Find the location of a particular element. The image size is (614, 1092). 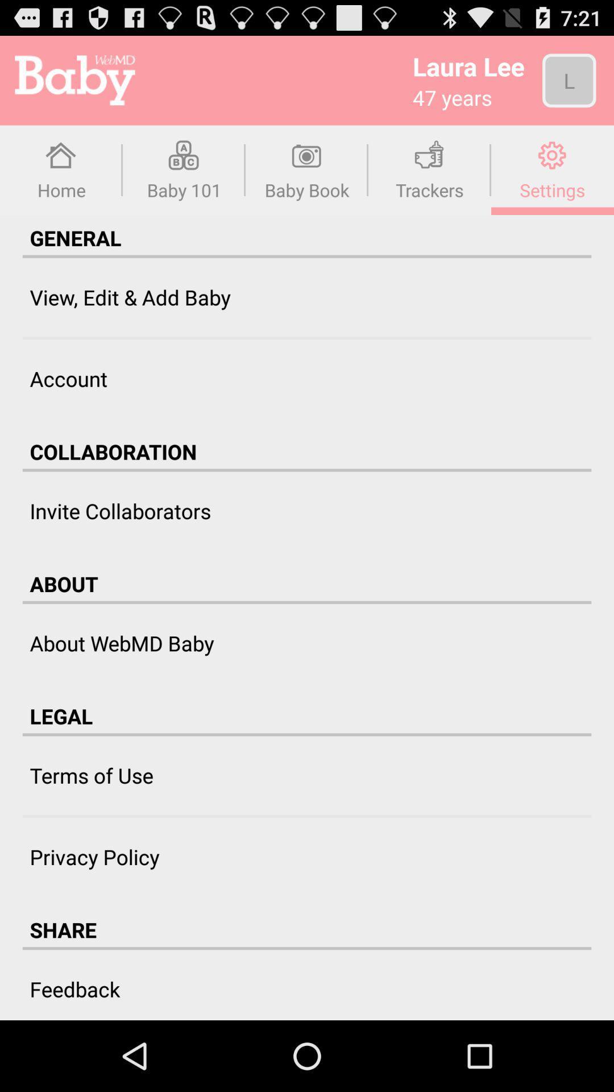

feedback is located at coordinates (74, 988).